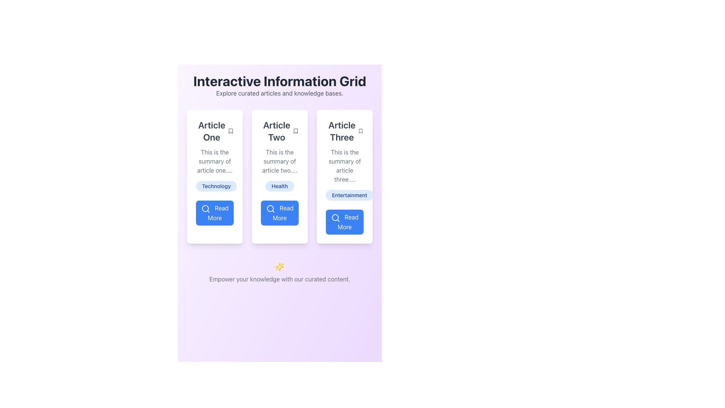 The image size is (725, 408). I want to click on the 'Health' label element, which is a distinctly styled tag with a rounded blue background and bolded blue text, located below the summary of 'Article Two', so click(279, 186).